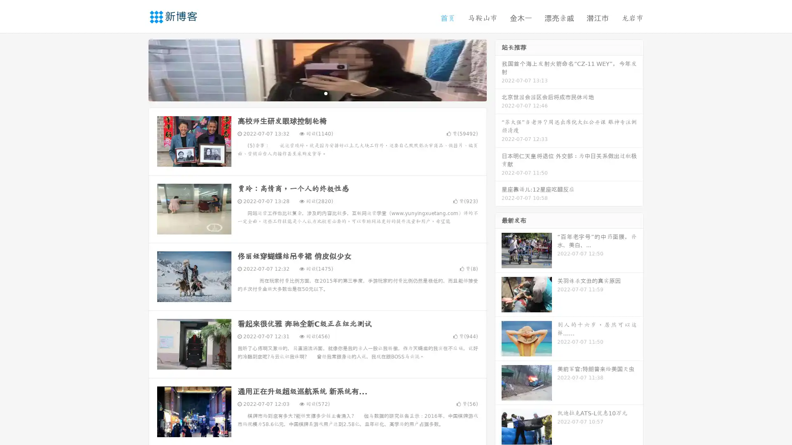  Describe the element at coordinates (325, 93) in the screenshot. I see `Go to slide 3` at that location.